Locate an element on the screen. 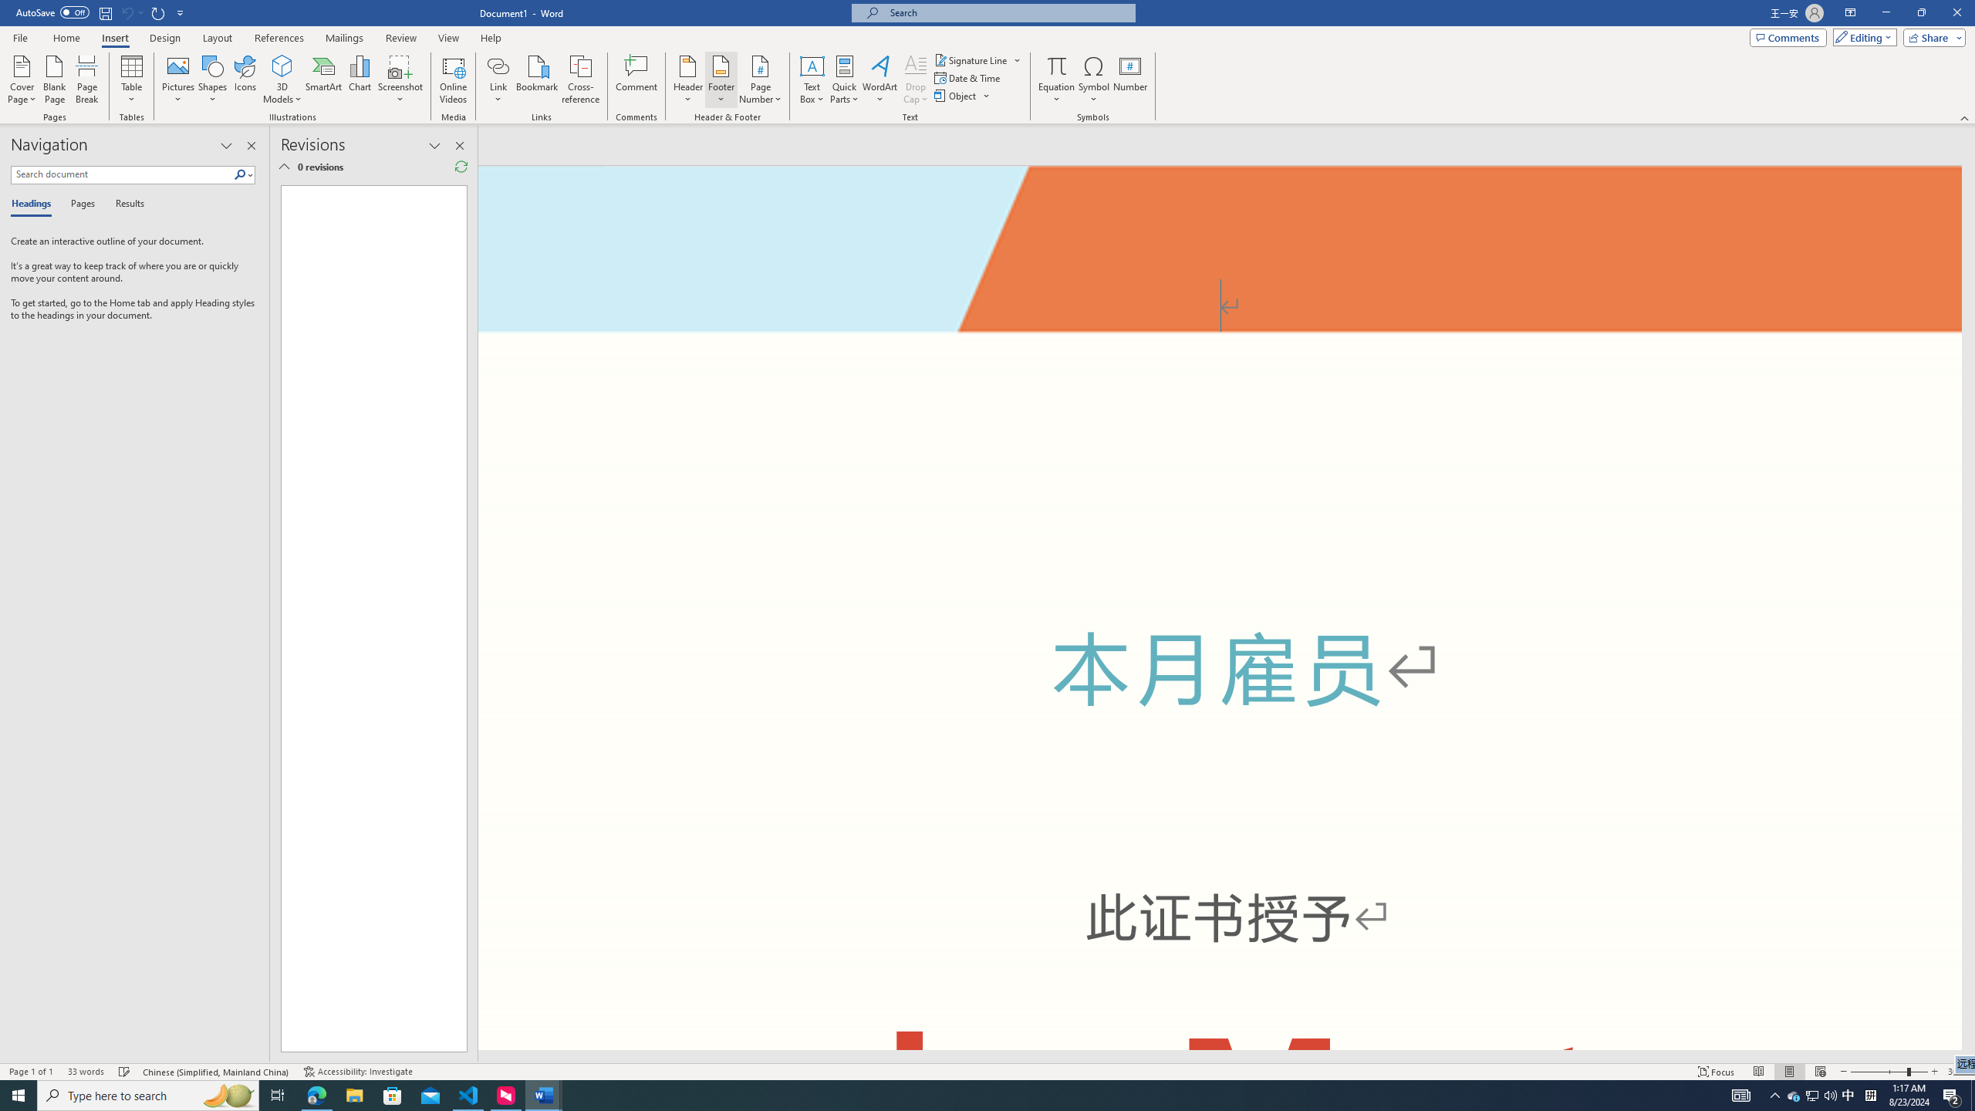 This screenshot has height=1111, width=1975. 'Zoom 308%' is located at coordinates (1957, 1072).